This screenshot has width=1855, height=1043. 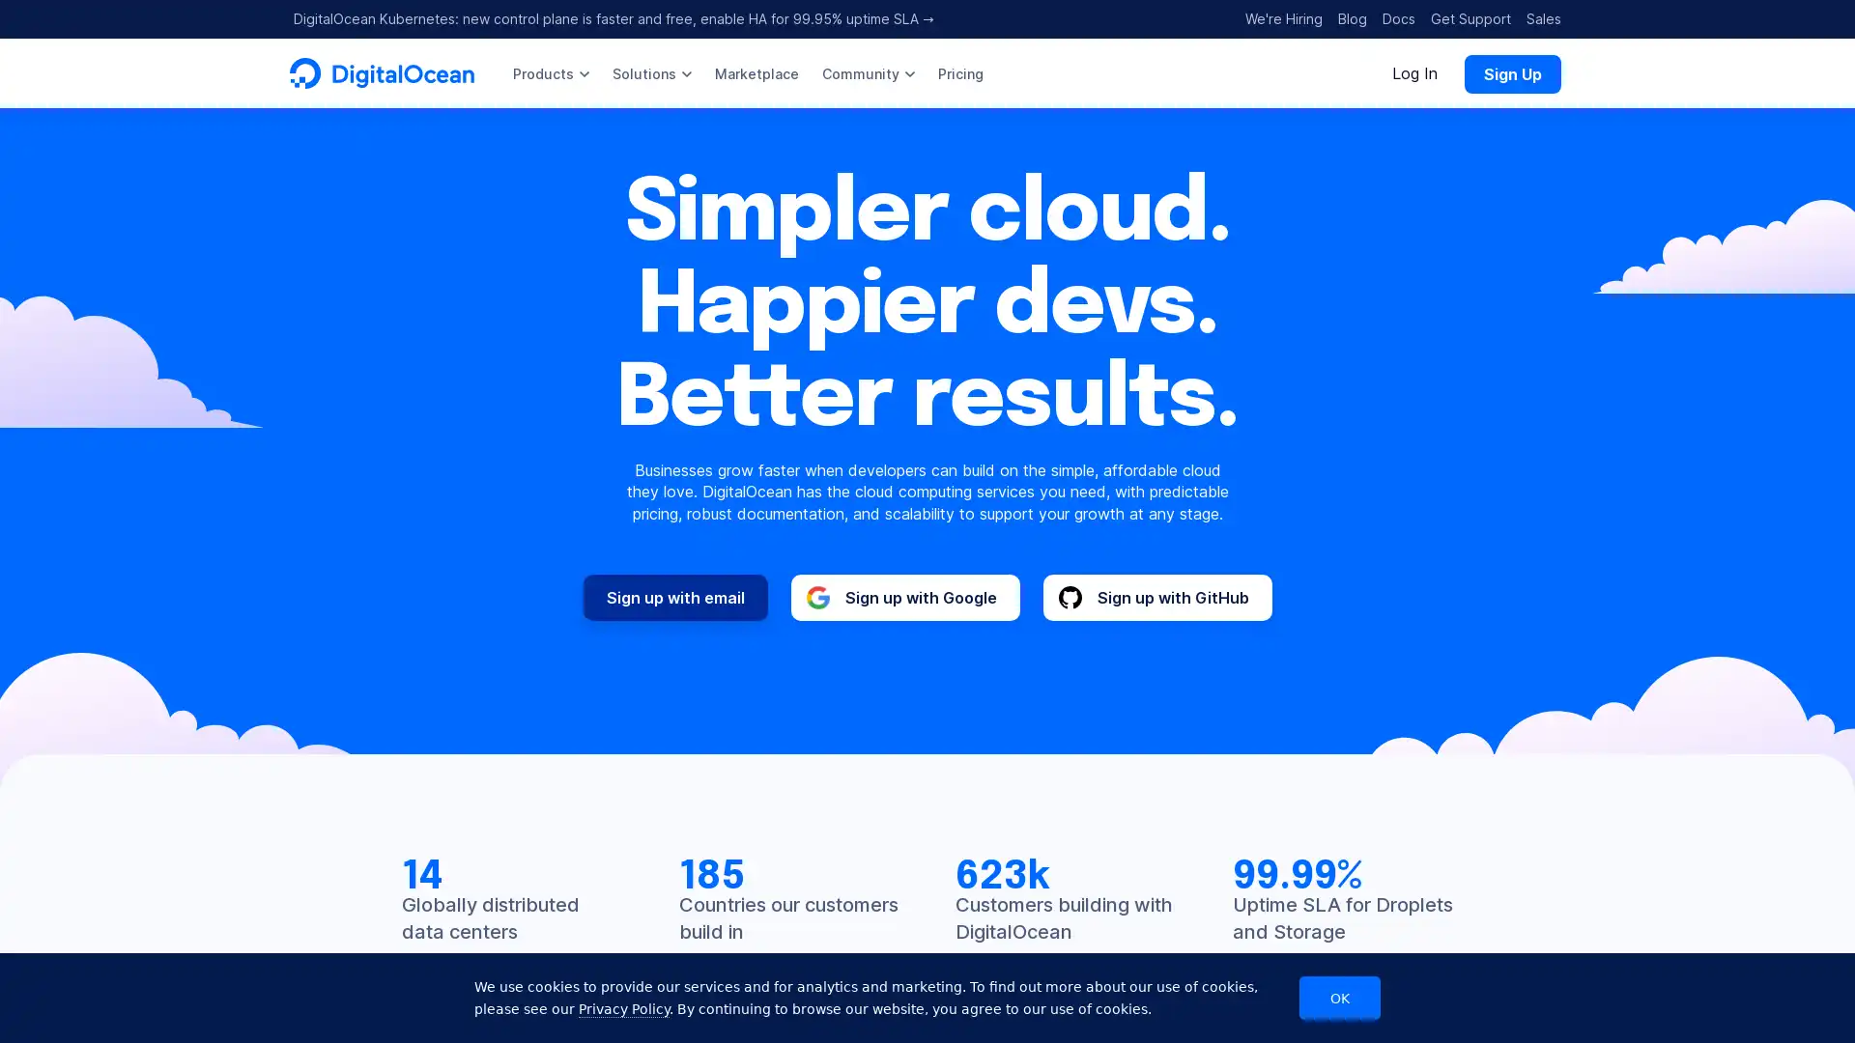 I want to click on Products, so click(x=550, y=72).